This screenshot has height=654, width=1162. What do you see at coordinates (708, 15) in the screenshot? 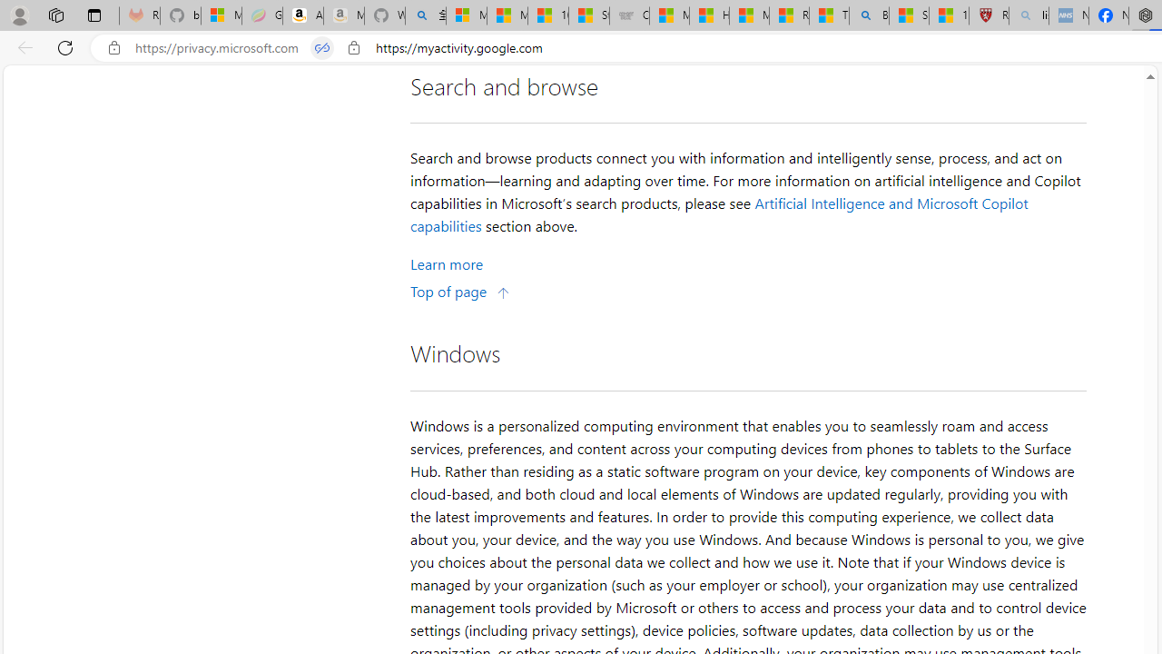
I see `'How I Got Rid of Microsoft Edge'` at bounding box center [708, 15].